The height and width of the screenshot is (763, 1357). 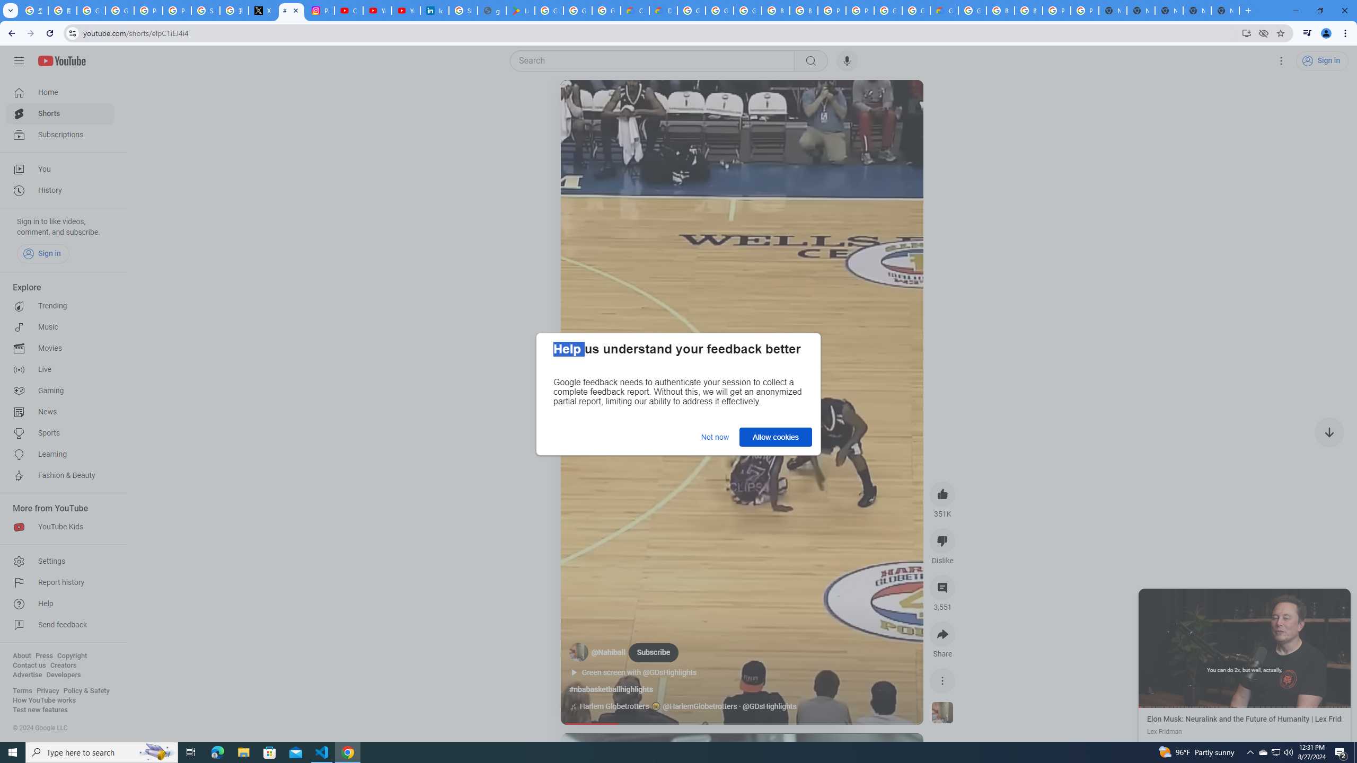 I want to click on 'Sign in - Google Accounts', so click(x=206, y=10).